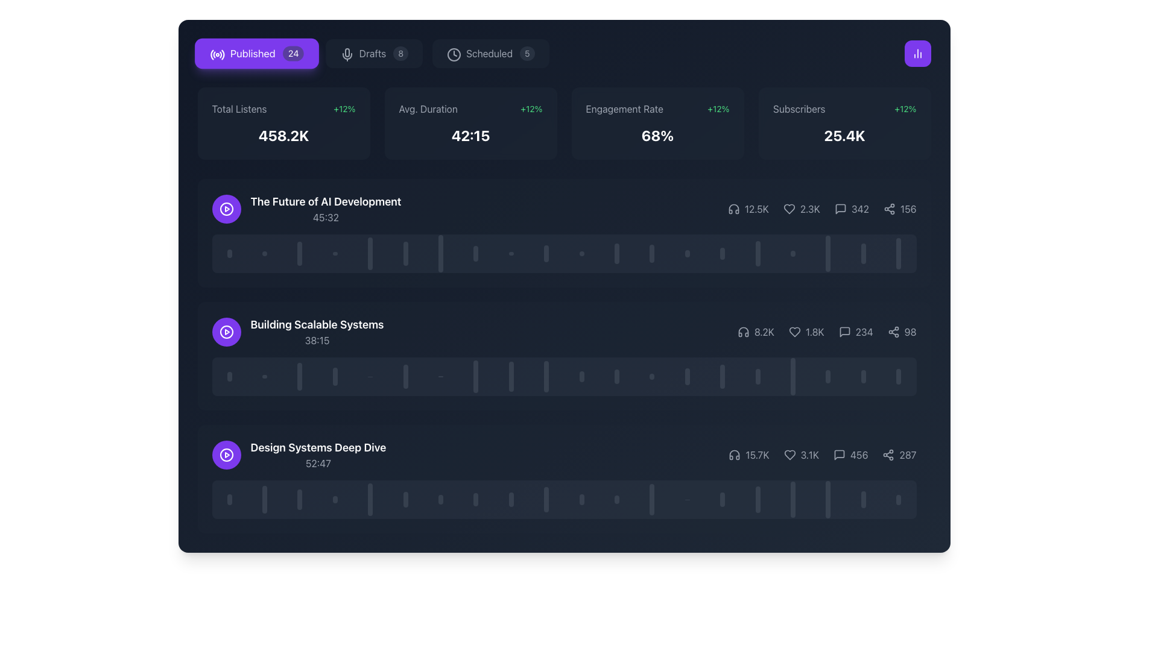  Describe the element at coordinates (862, 376) in the screenshot. I see `the 19th vertical progress bar element, which is light gray and has a rounded end, positioned below the 'Building Scalable Systems' list` at that location.